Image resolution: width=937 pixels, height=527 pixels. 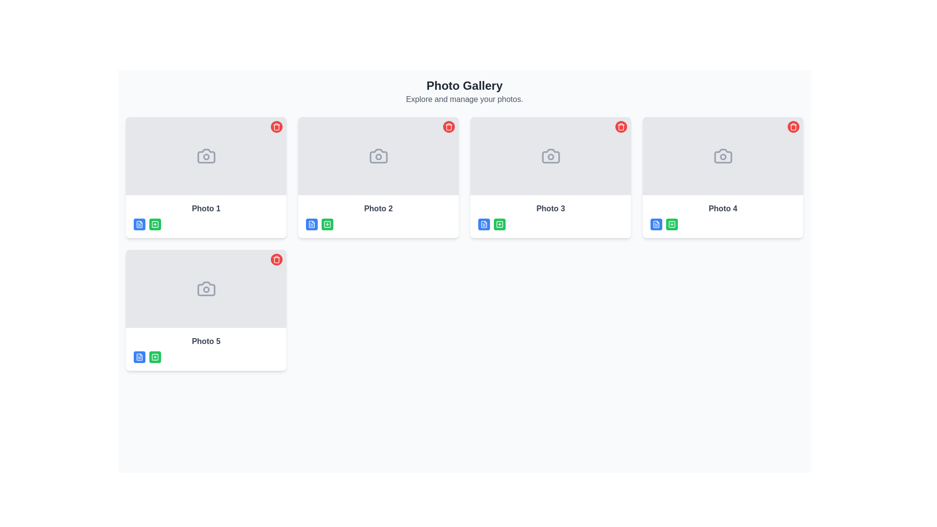 I want to click on the 'Photo 5' text label, which is a bolded gray textual label located below the thumbnail image in the fifth card of the photo gallery, so click(x=205, y=341).